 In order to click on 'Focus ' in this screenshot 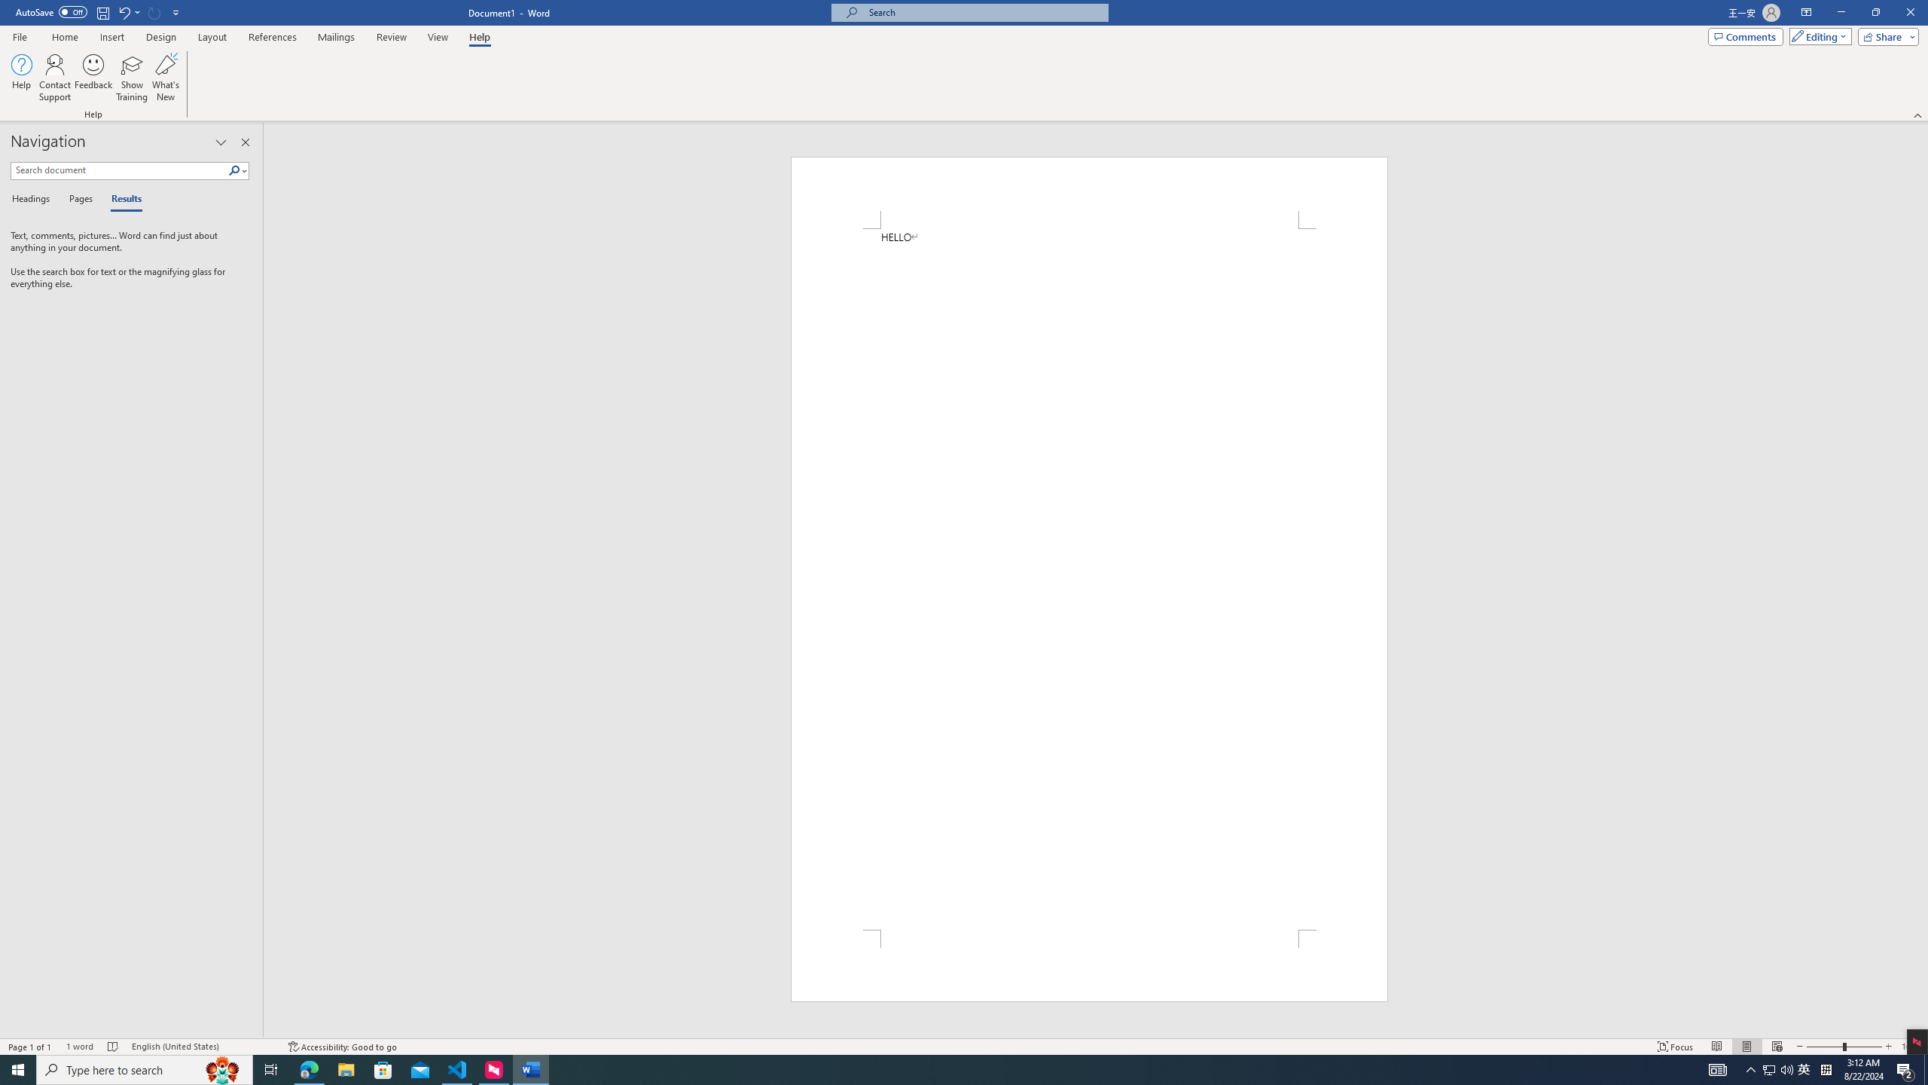, I will do `click(1676, 1047)`.